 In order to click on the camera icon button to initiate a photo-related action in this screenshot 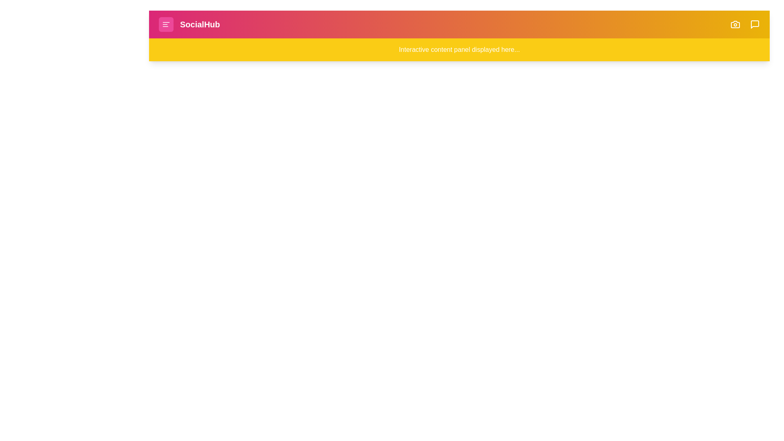, I will do `click(735, 24)`.